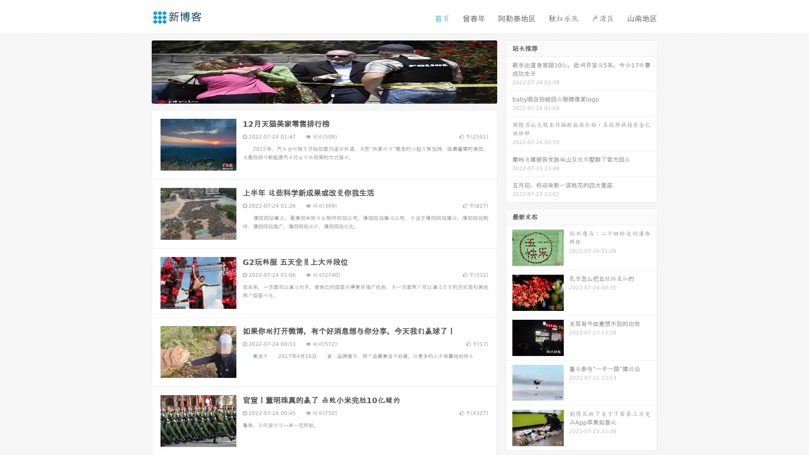 The width and height of the screenshot is (809, 455). I want to click on Previous slide, so click(139, 71).